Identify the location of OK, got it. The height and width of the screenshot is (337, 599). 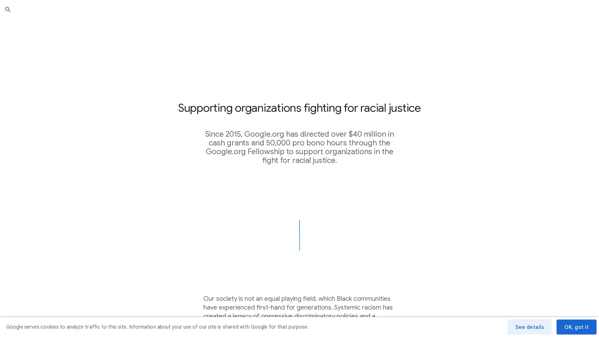
(576, 327).